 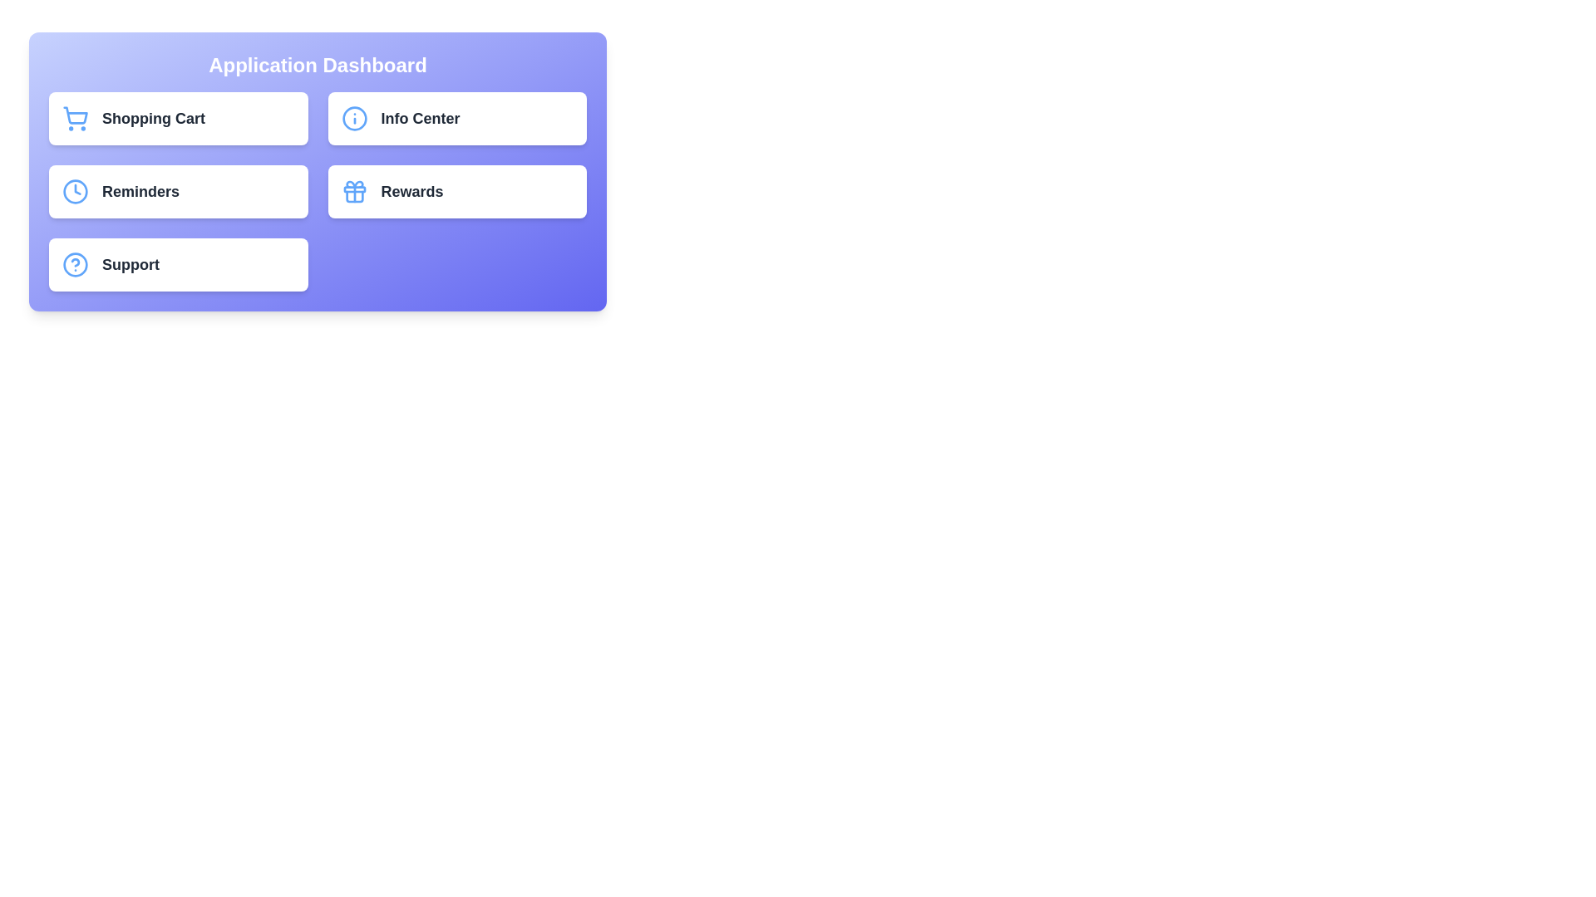 I want to click on the blue circular shape representing the inner circle of the clock icon within the 'Reminders' button in the Application Dashboard interface, so click(x=75, y=191).